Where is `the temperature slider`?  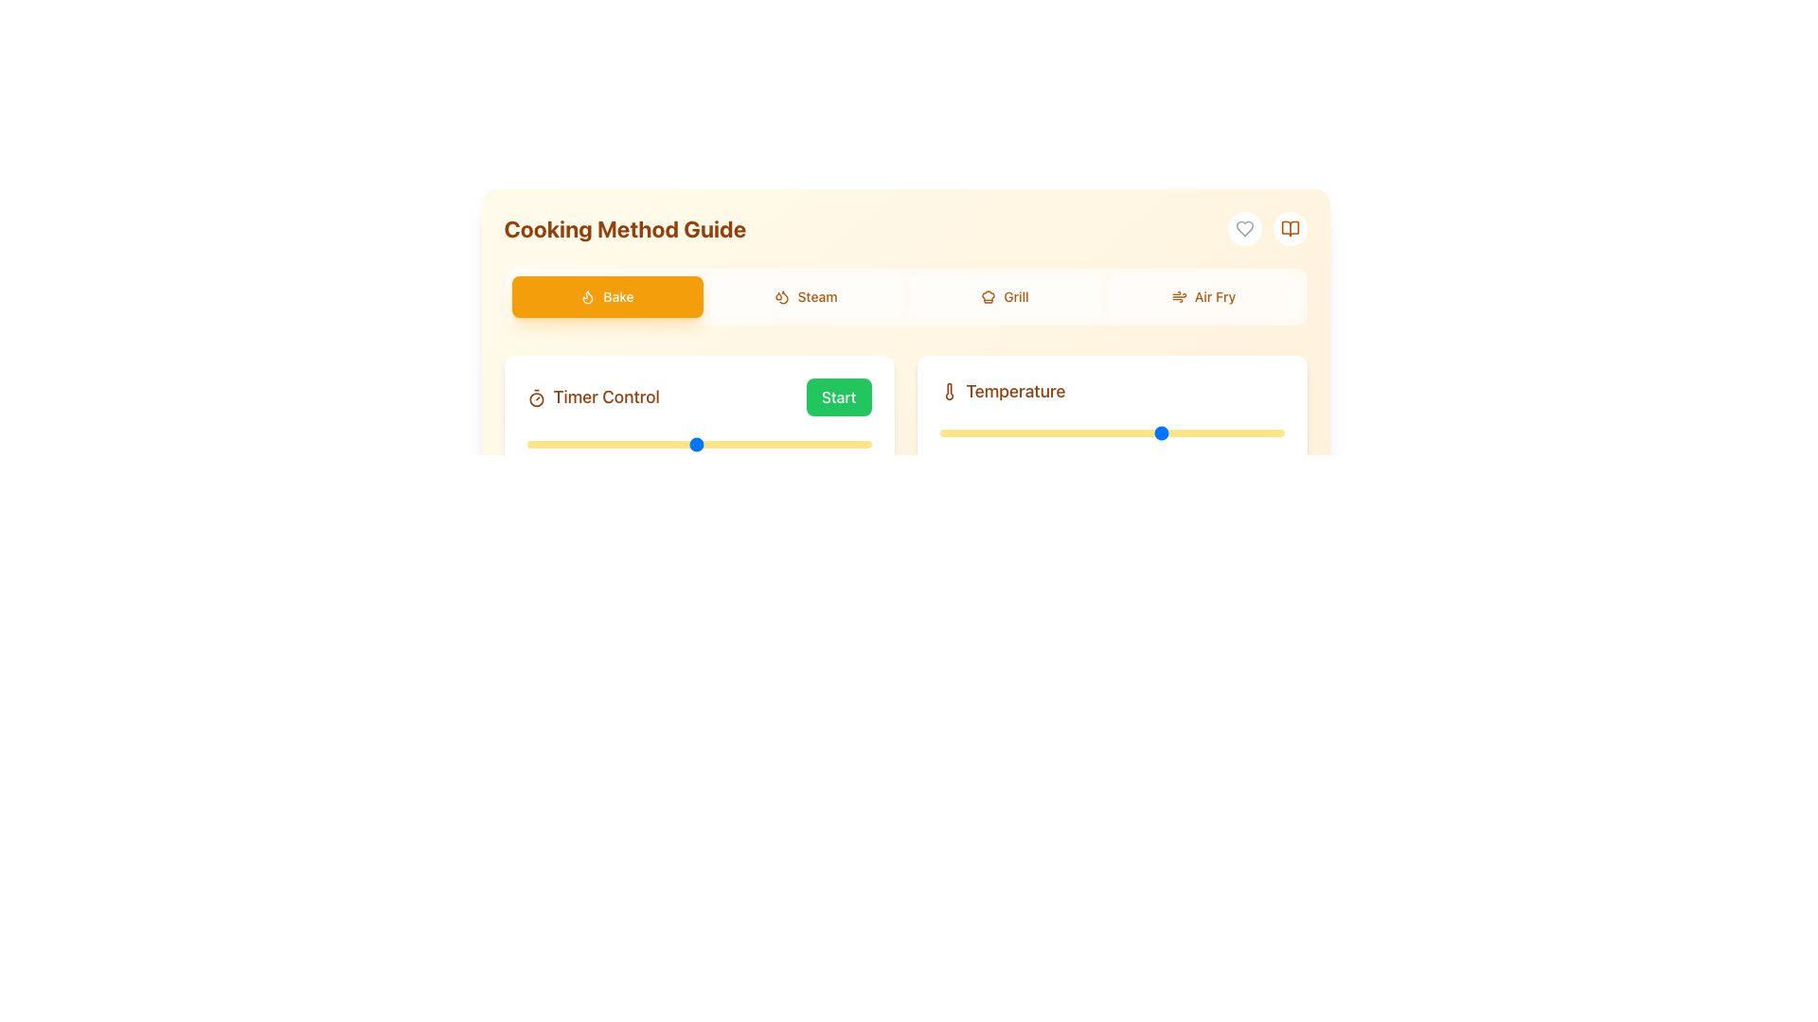
the temperature slider is located at coordinates (1219, 433).